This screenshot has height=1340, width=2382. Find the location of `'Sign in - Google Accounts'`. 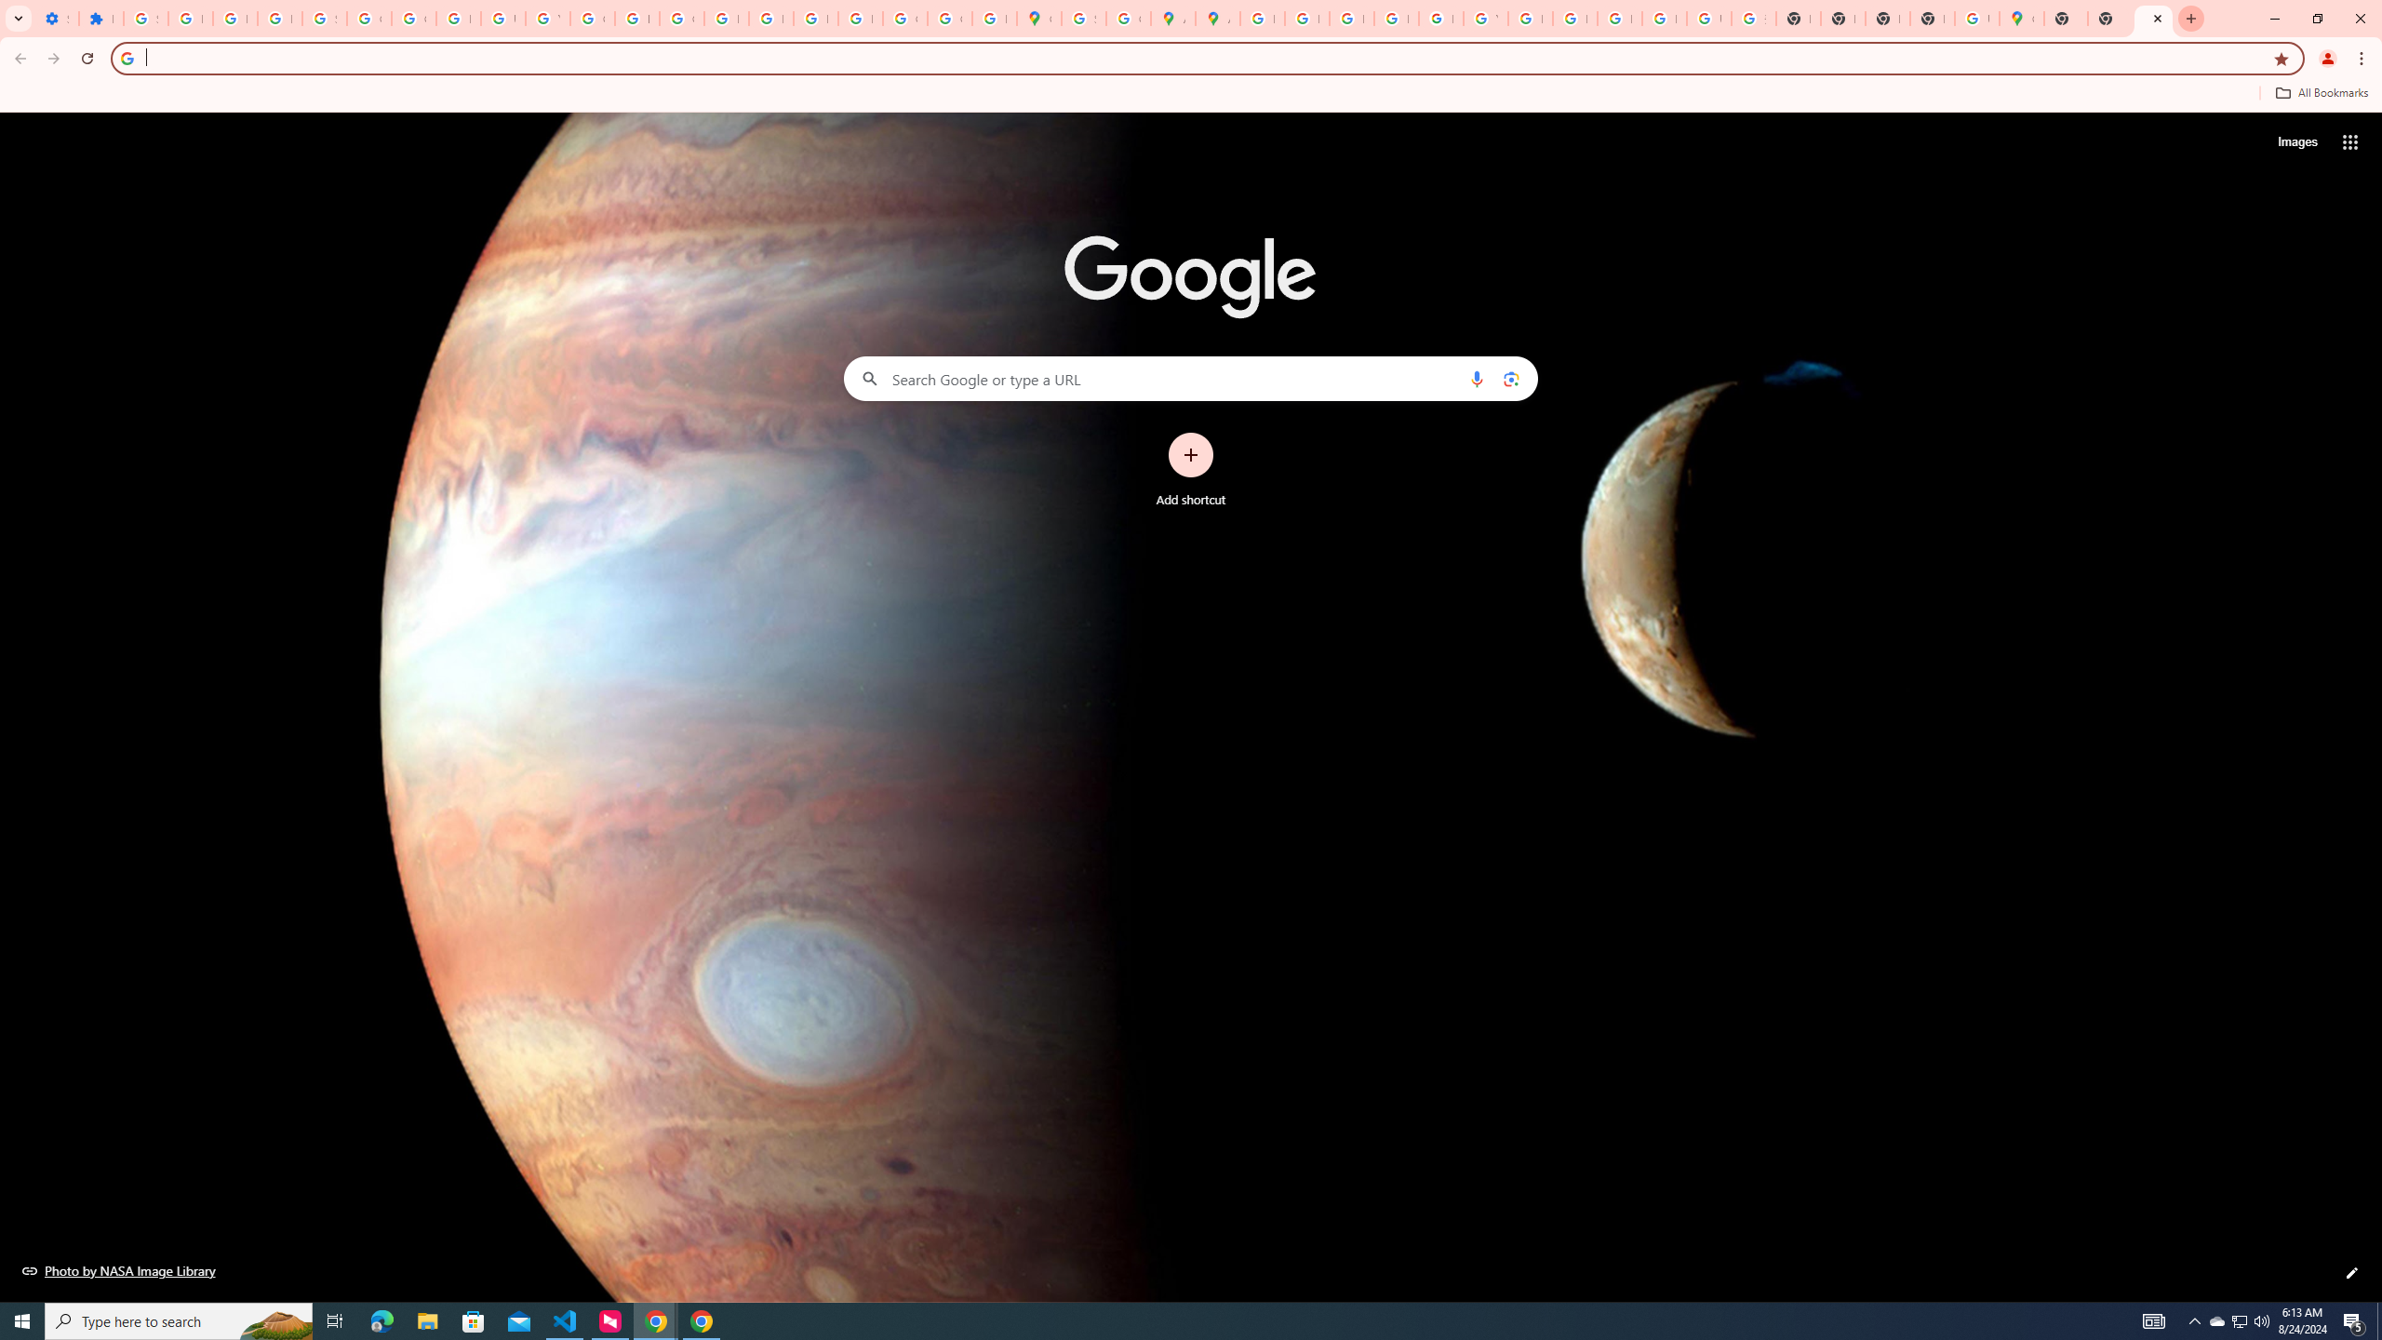

'Sign in - Google Accounts' is located at coordinates (144, 18).